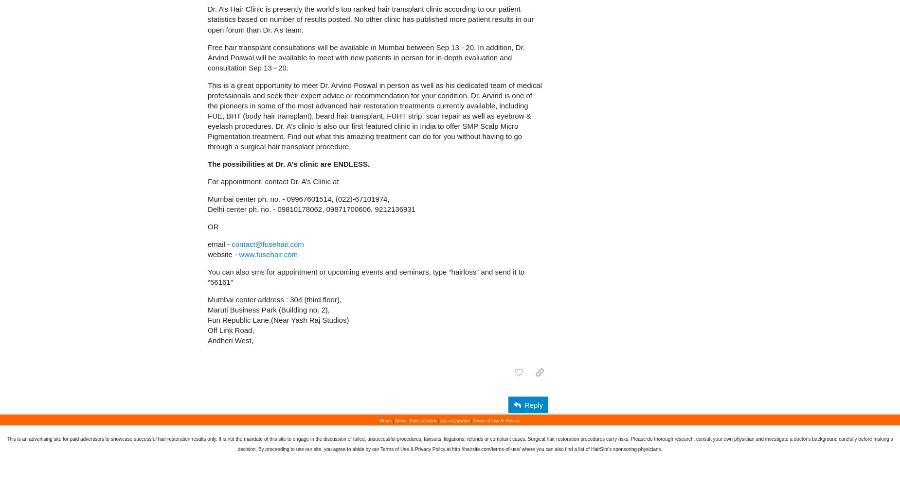  I want to click on 'For appointment, contact Dr. A’s Clinic at', so click(273, 180).